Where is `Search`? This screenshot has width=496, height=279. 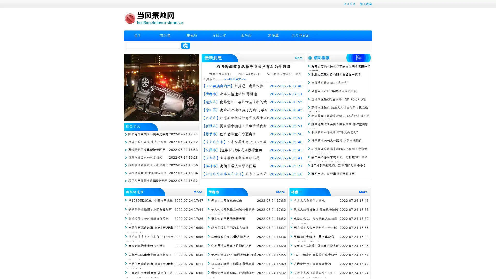 Search is located at coordinates (185, 45).